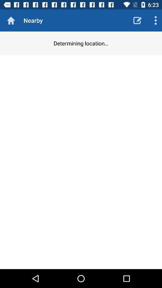  Describe the element at coordinates (137, 20) in the screenshot. I see `the item to the right of nearby icon` at that location.